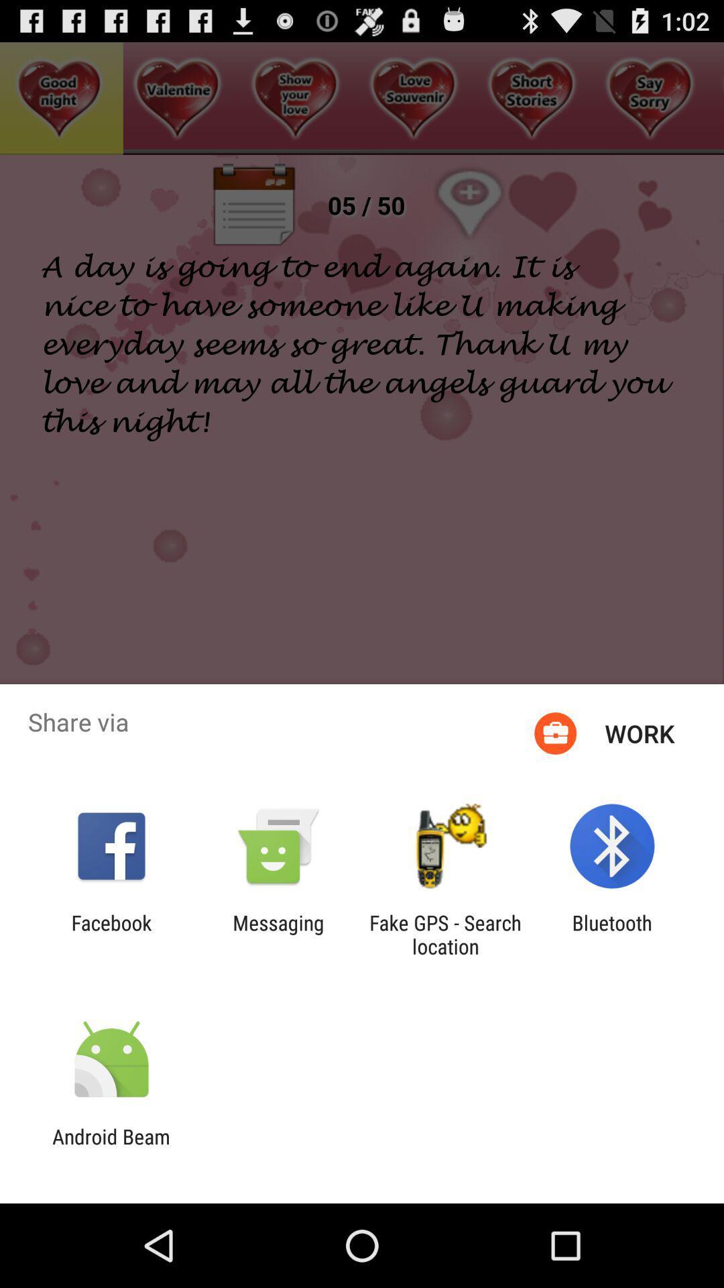 The height and width of the screenshot is (1288, 724). What do you see at coordinates (445, 934) in the screenshot?
I see `fake gps search app` at bounding box center [445, 934].